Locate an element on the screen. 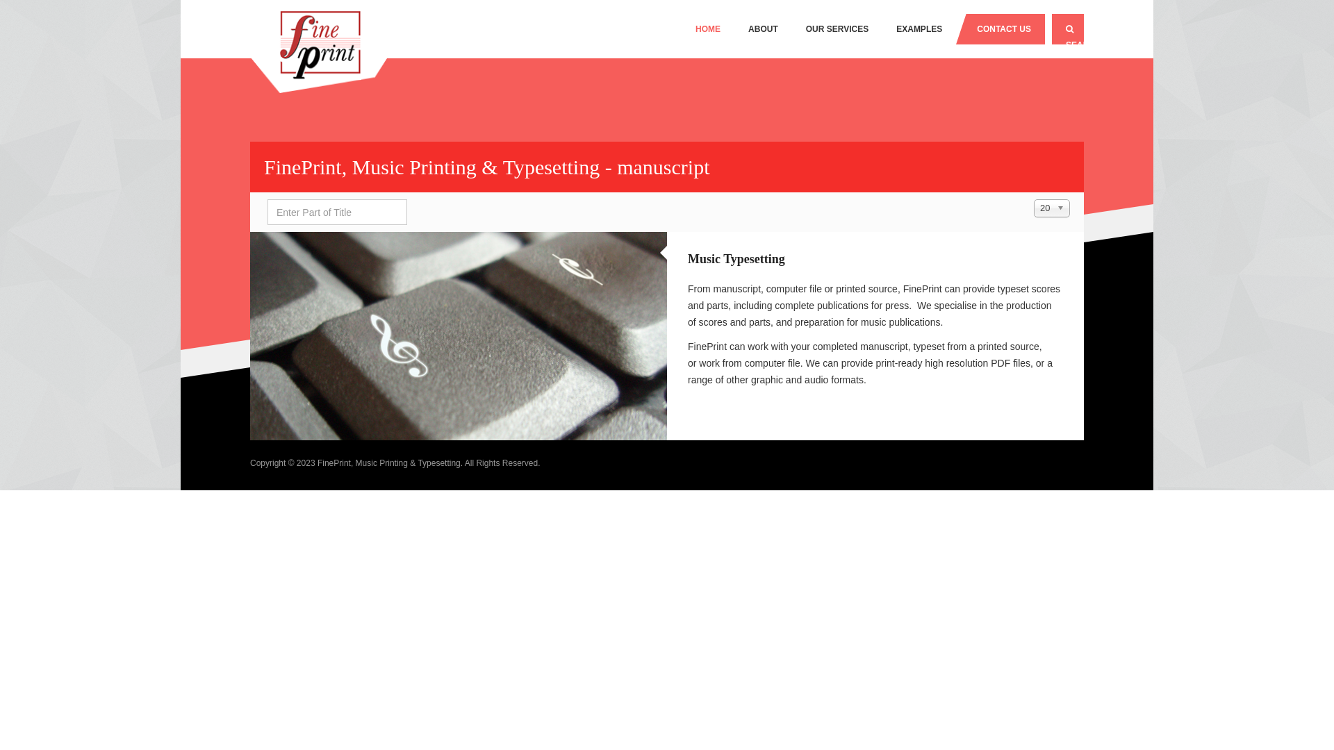 This screenshot has height=750, width=1334. 'Enter all or part of the title to search for.' is located at coordinates (337, 212).